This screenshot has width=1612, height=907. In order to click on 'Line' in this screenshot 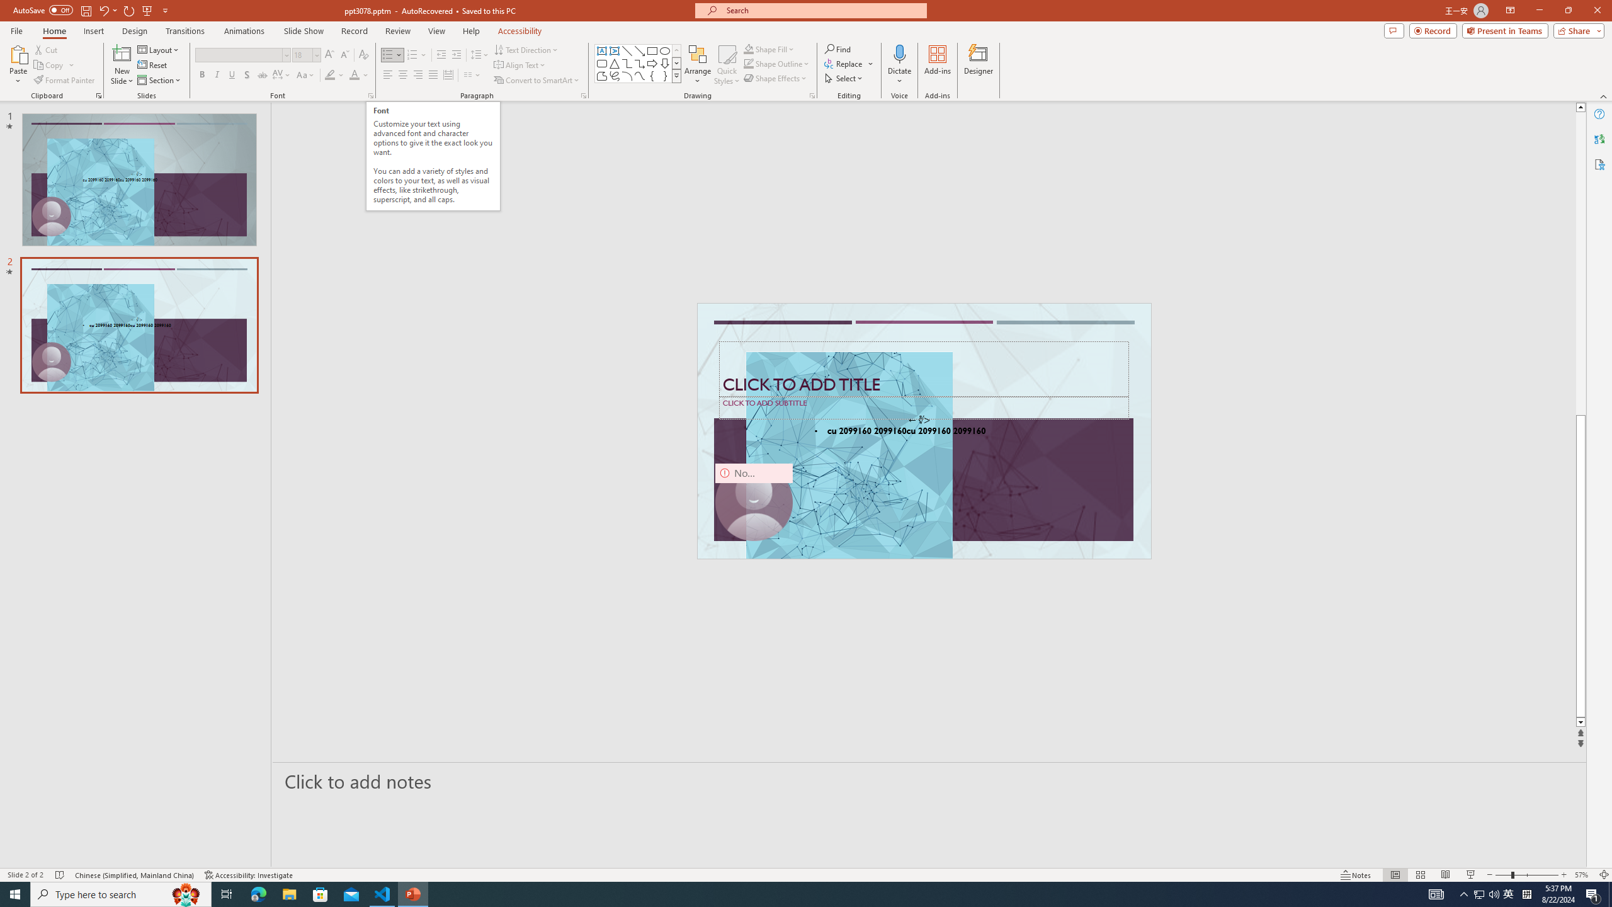, I will do `click(626, 50)`.